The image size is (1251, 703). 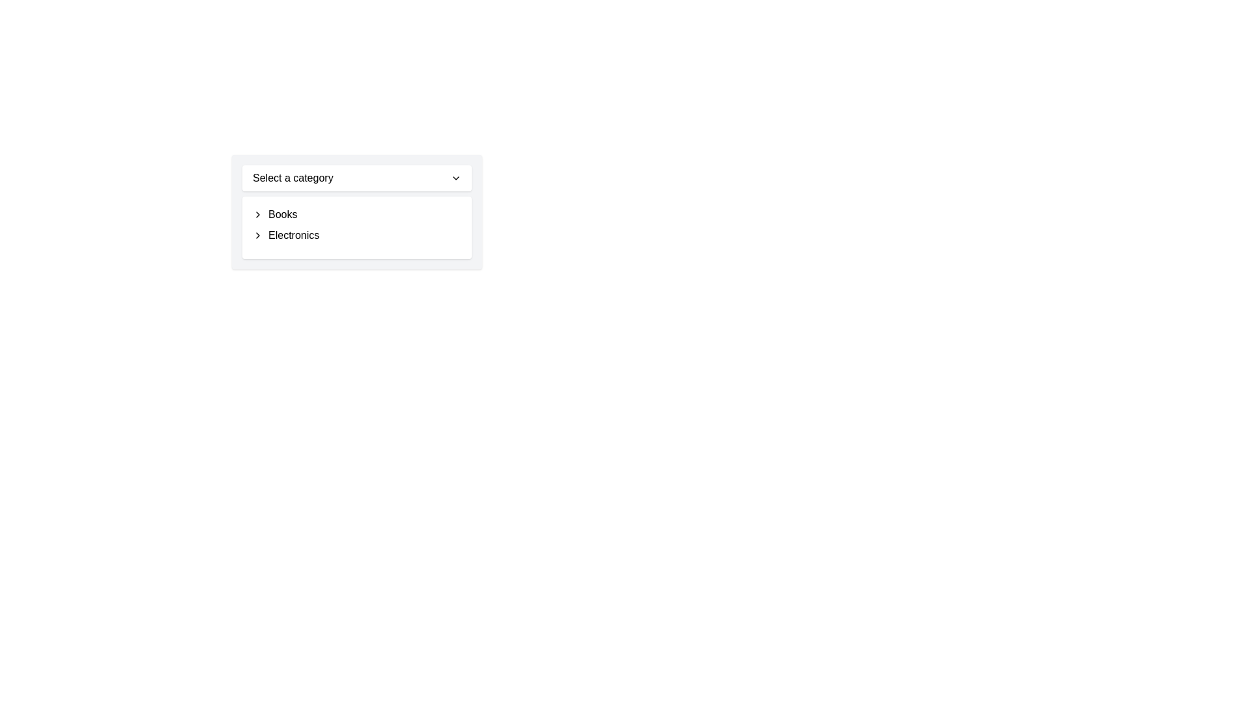 I want to click on the rightward-pointing chevron icon located to the left of the text 'Electronics' in the second item of the dropdown menu, so click(x=257, y=236).